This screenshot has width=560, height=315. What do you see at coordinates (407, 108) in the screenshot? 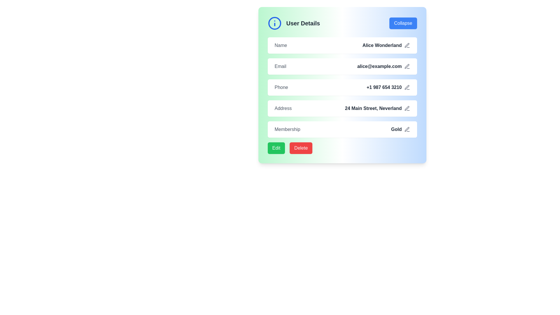
I see `the icon button located to the right of the address text '24 Main Street, Neverland'` at bounding box center [407, 108].